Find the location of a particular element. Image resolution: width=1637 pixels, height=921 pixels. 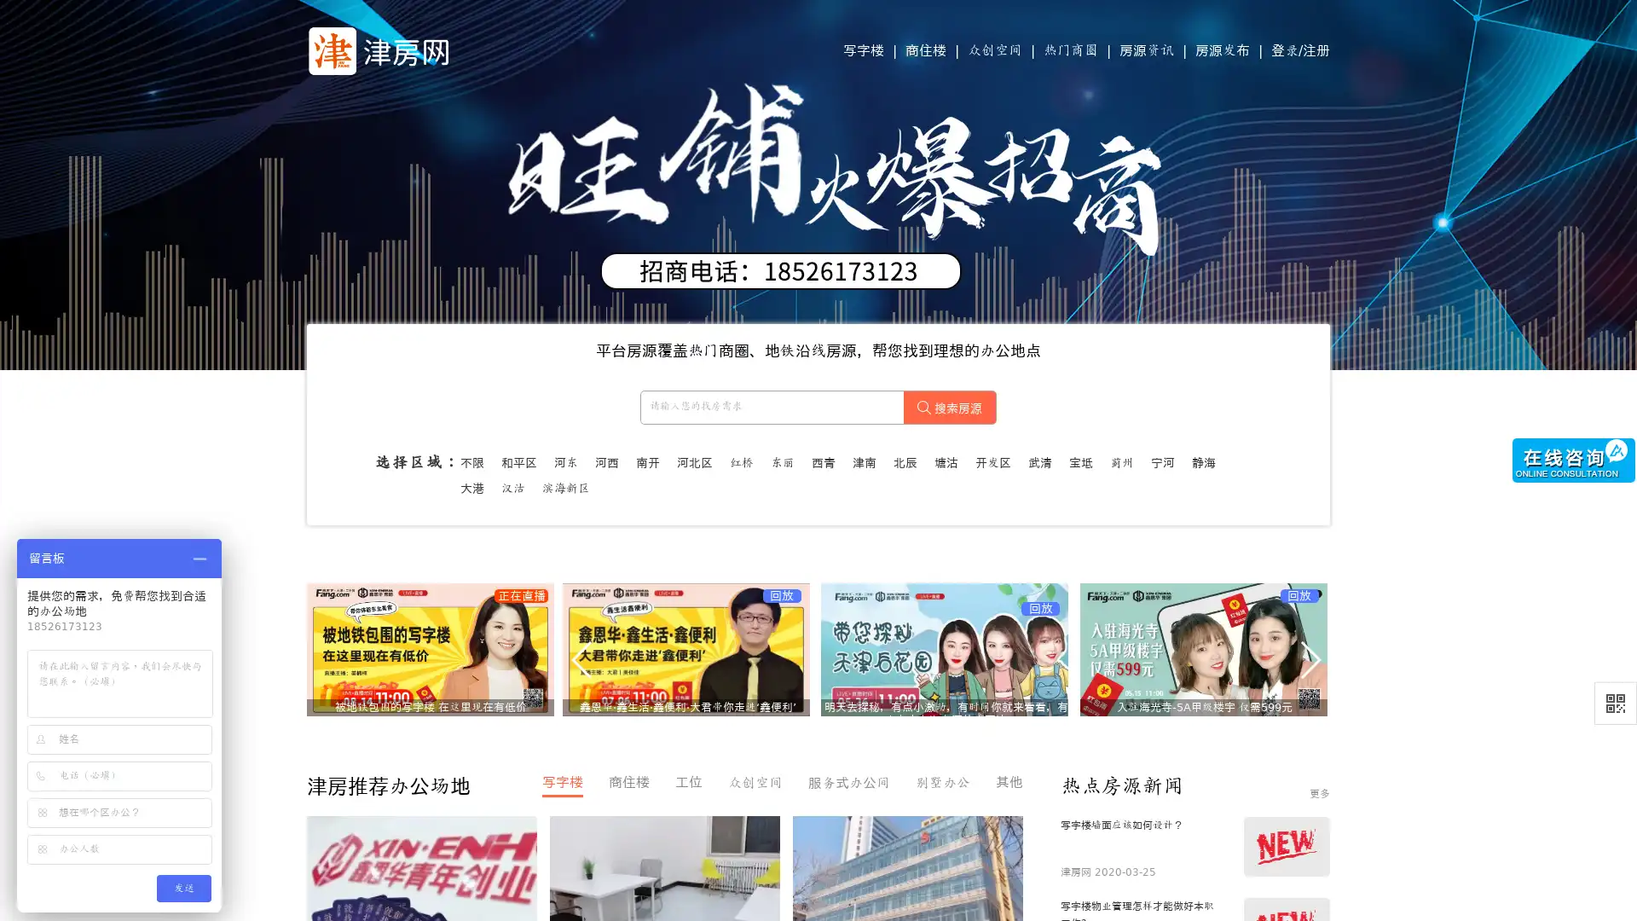

Previous slide is located at coordinates (582, 657).